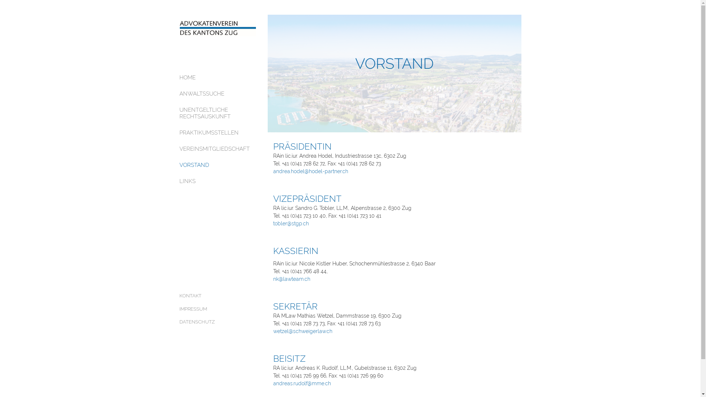  What do you see at coordinates (218, 181) in the screenshot?
I see `'LINKS'` at bounding box center [218, 181].